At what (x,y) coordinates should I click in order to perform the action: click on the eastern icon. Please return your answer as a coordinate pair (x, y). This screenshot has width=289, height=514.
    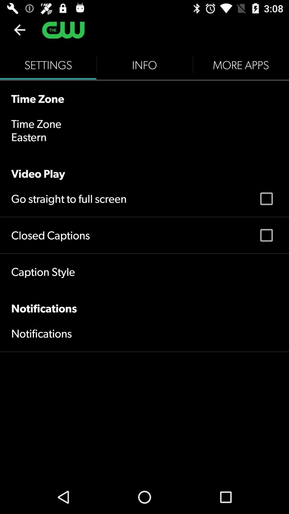
    Looking at the image, I should click on (29, 137).